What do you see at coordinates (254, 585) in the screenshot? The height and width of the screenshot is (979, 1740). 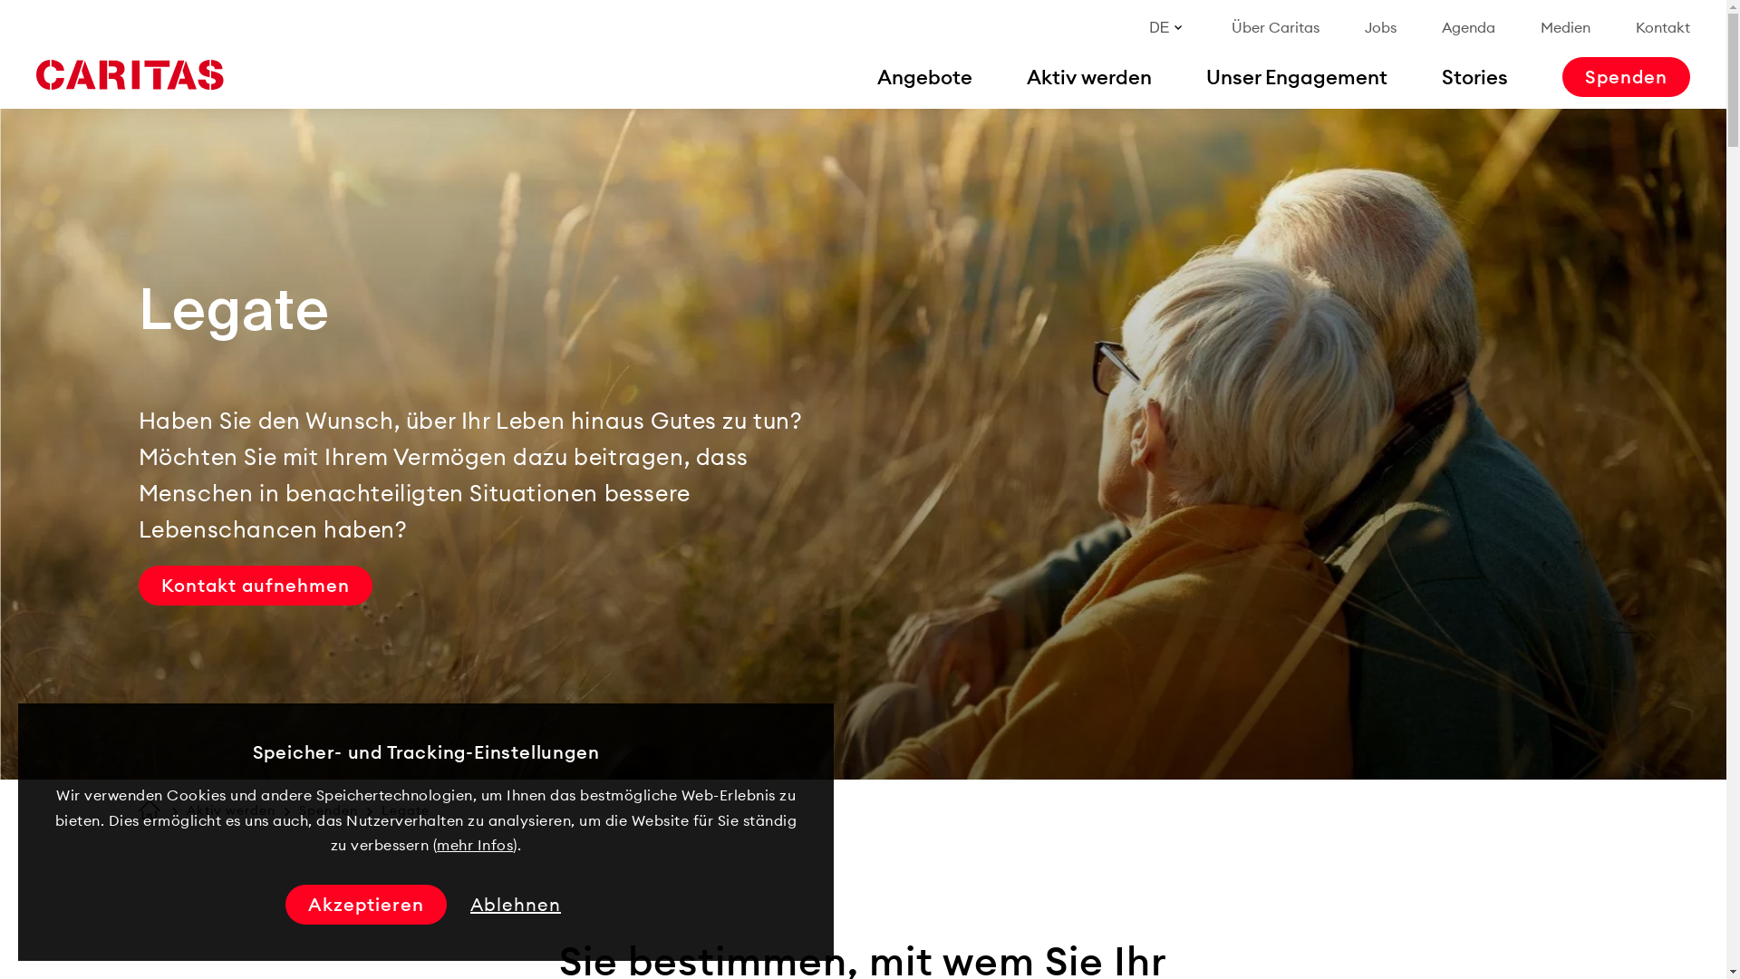 I see `'Kontakt aufnehmen'` at bounding box center [254, 585].